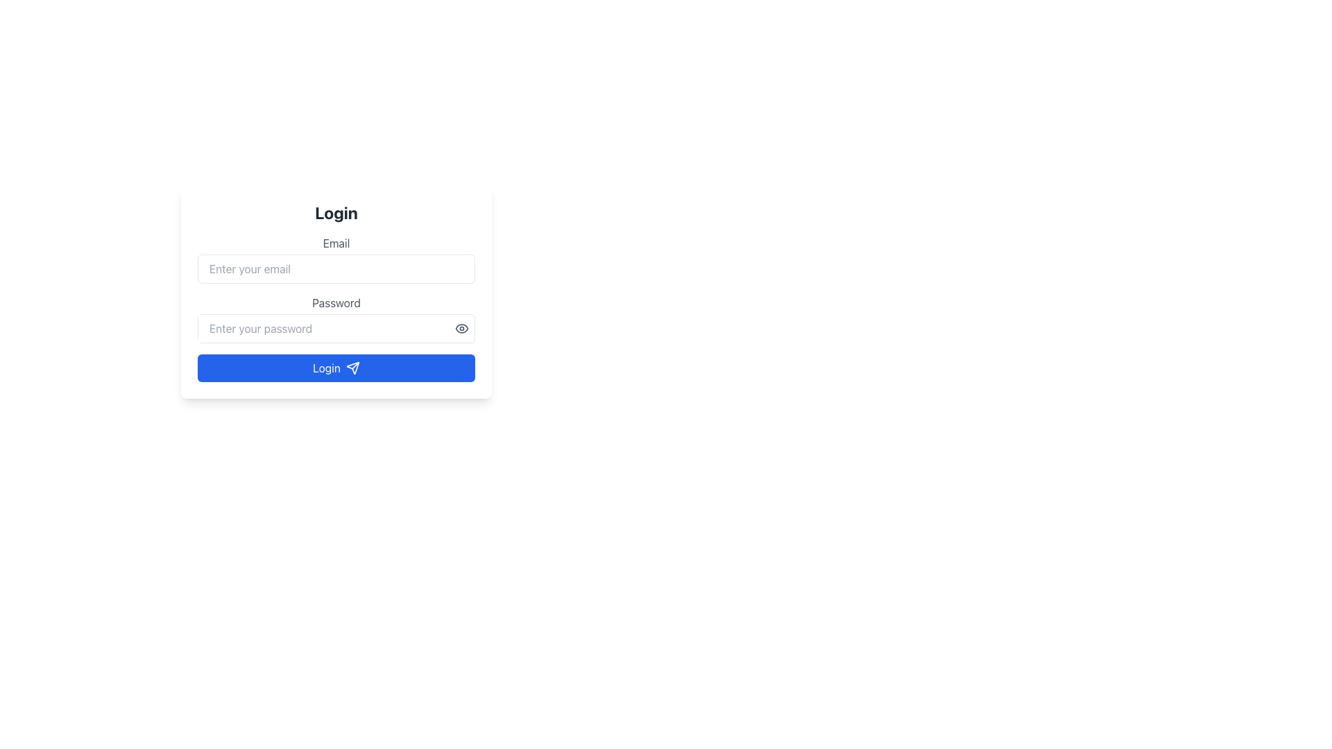  Describe the element at coordinates (336, 368) in the screenshot. I see `the login button located at the bottom of the form` at that location.